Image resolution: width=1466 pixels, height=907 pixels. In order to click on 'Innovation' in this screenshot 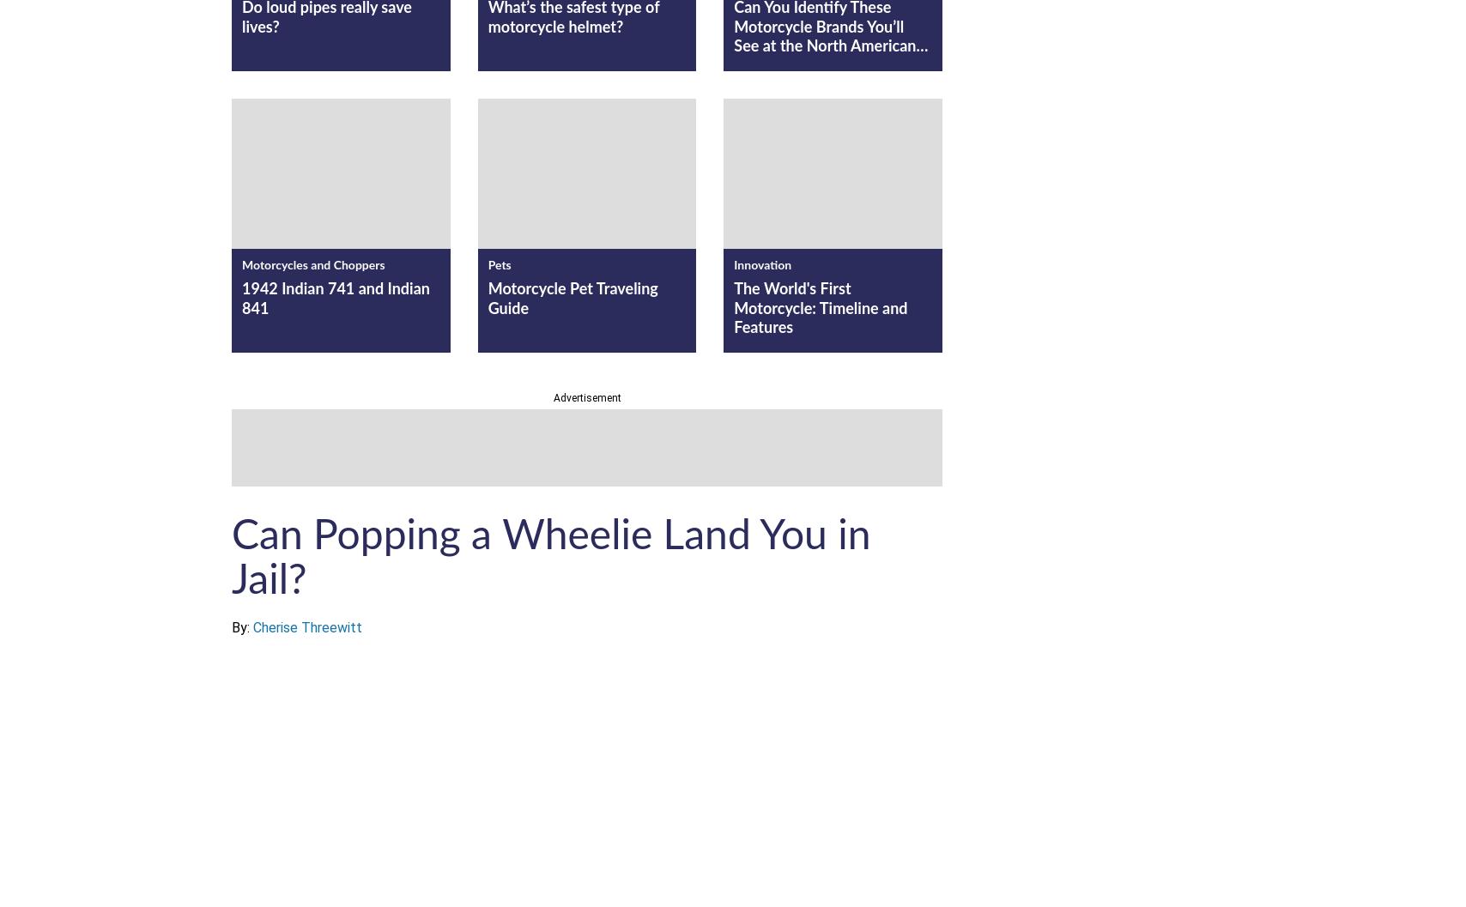, I will do `click(762, 264)`.